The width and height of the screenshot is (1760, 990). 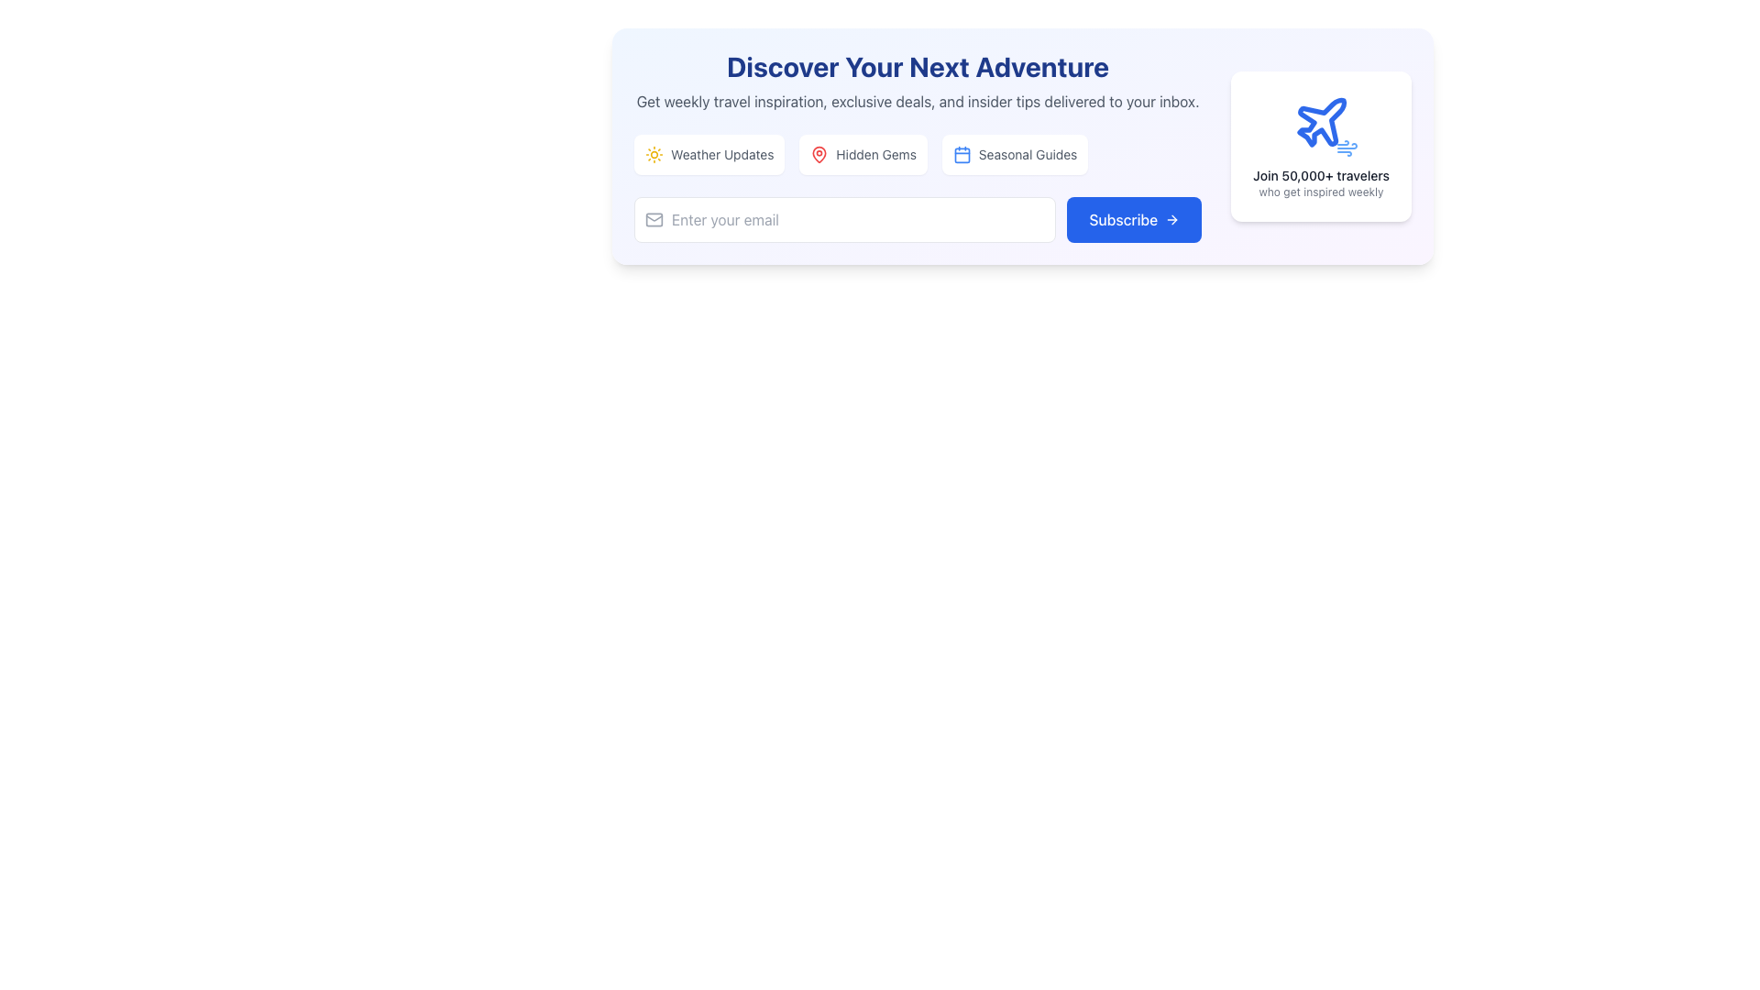 What do you see at coordinates (875, 154) in the screenshot?
I see `the text label displaying 'Hidden Gems' which is styled in gray and is part of a selection option within a white box with rounded corners` at bounding box center [875, 154].